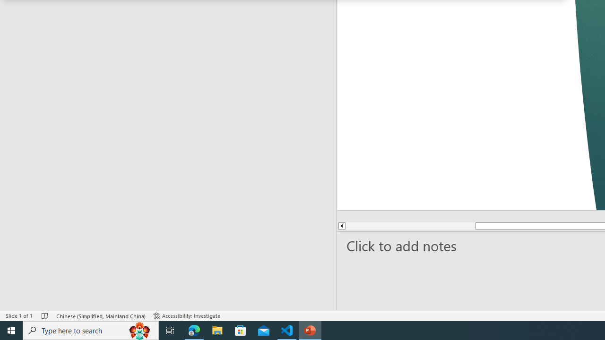 The width and height of the screenshot is (605, 340). What do you see at coordinates (310, 330) in the screenshot?
I see `'PowerPoint - 1 running window'` at bounding box center [310, 330].